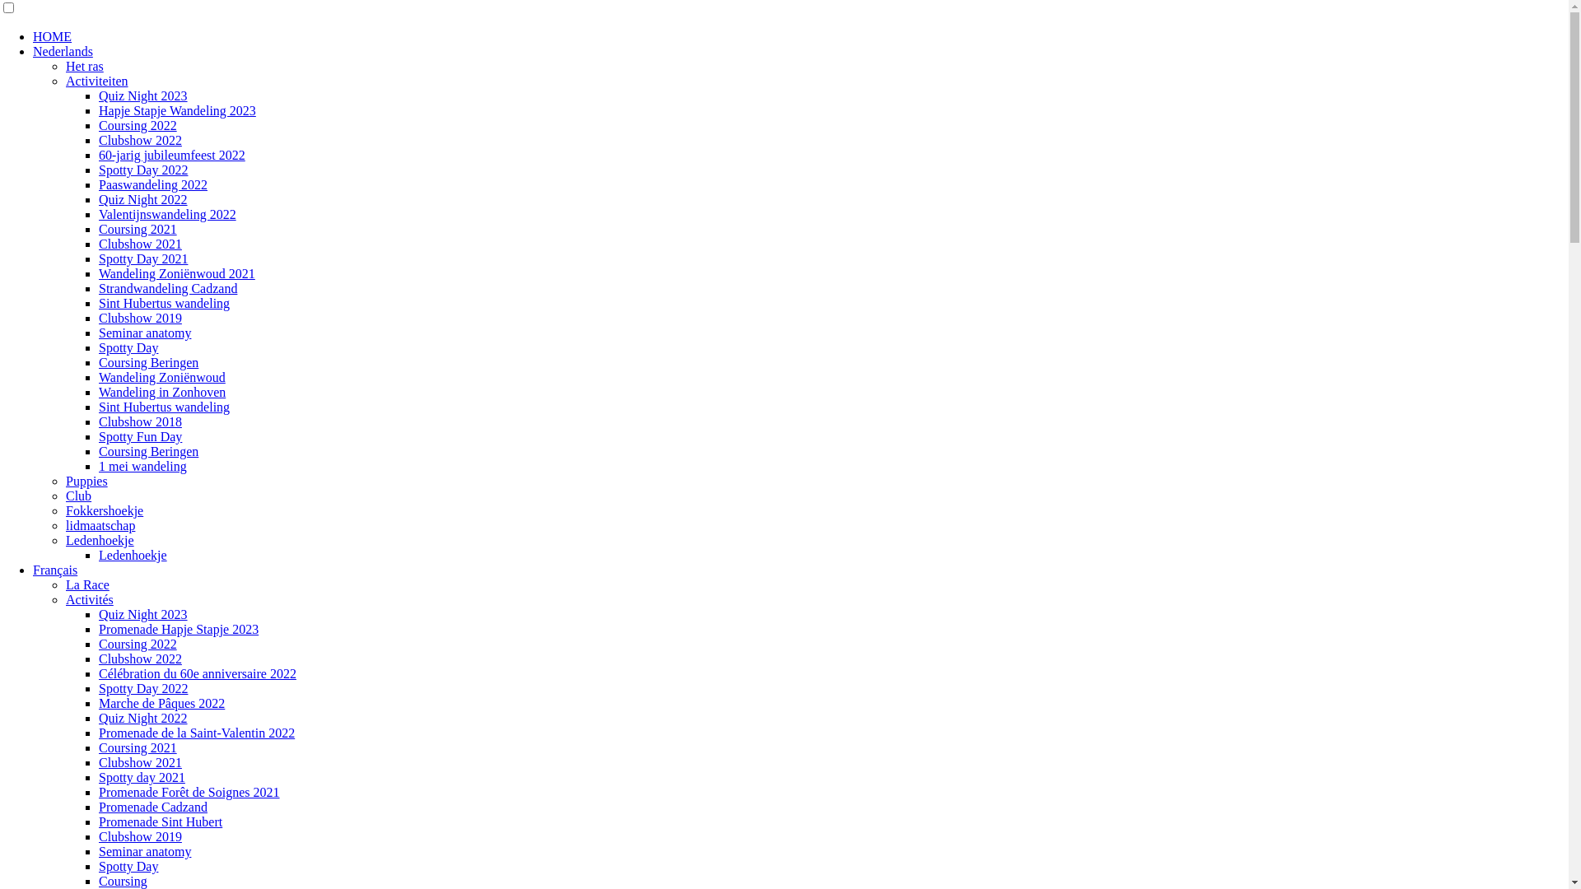  Describe the element at coordinates (142, 688) in the screenshot. I see `'Spotty Day 2022'` at that location.